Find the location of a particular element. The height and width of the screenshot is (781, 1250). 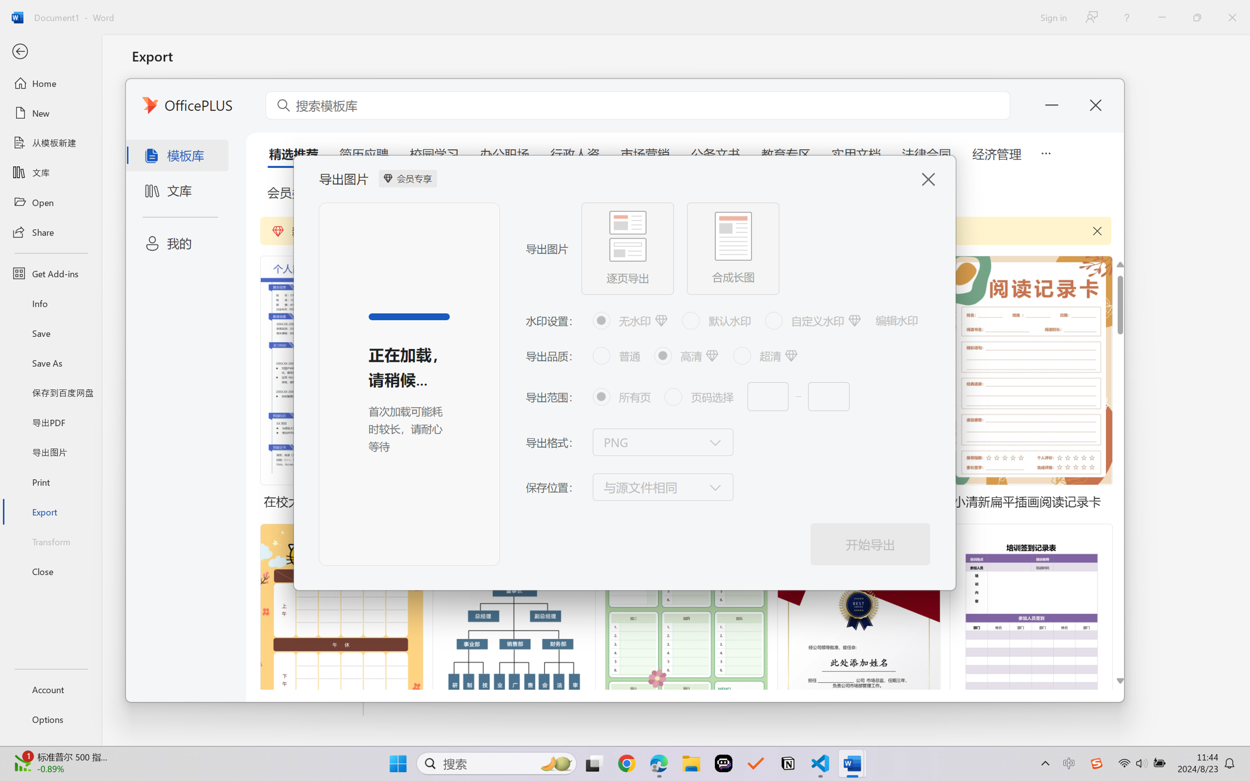

'Save As' is located at coordinates (50, 363).